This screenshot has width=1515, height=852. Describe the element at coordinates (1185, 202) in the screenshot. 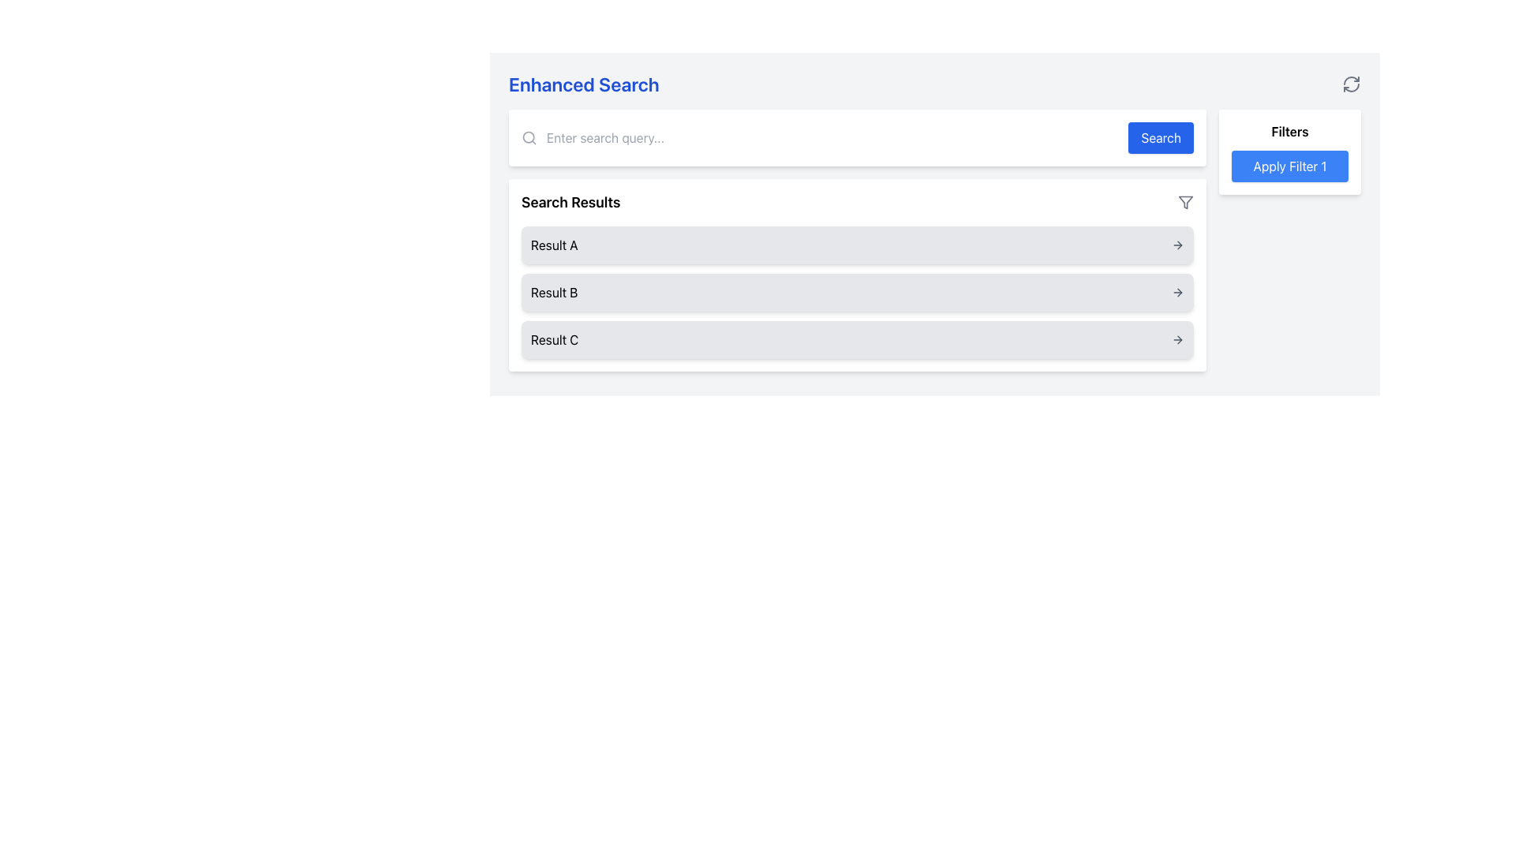

I see `triangular filter icon located in the upper-right corner of the 'Search Results' section for visual clarity` at that location.